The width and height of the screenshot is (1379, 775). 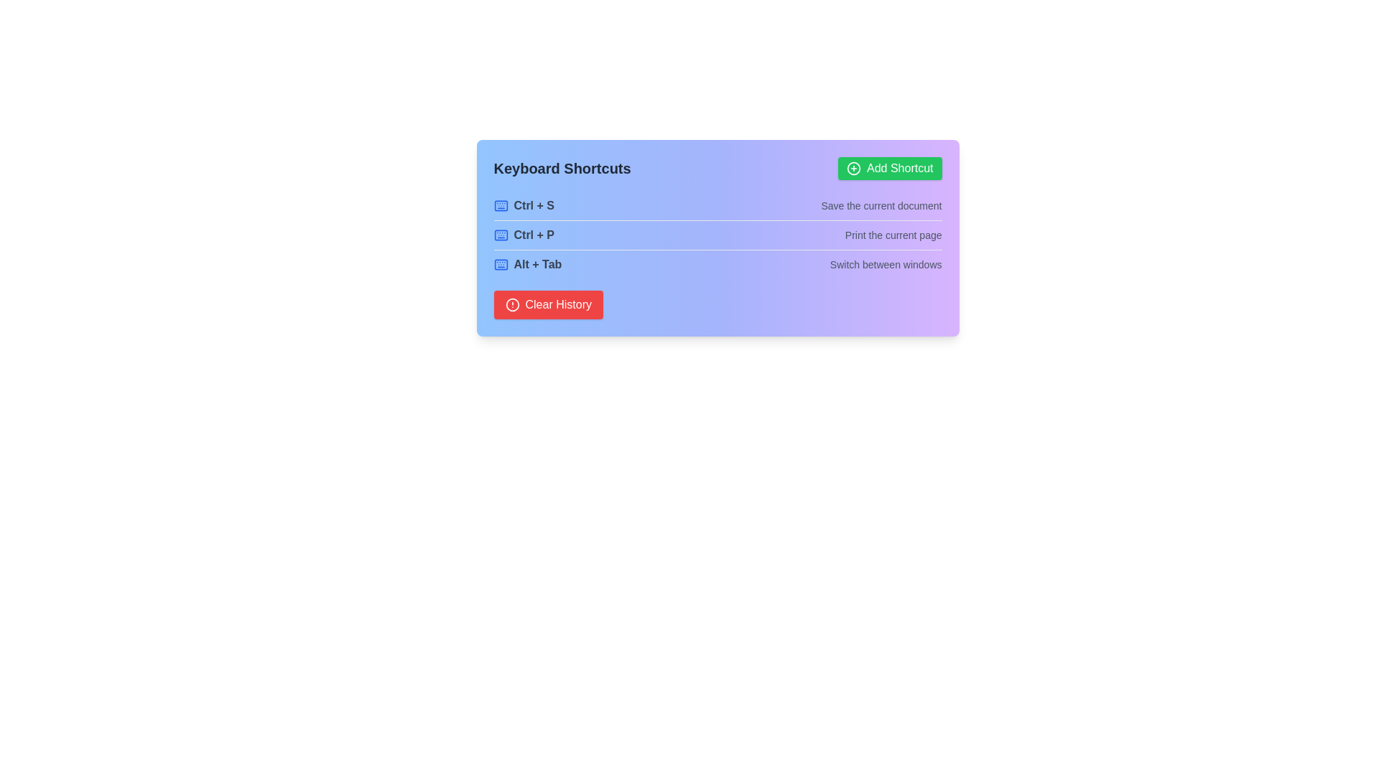 What do you see at coordinates (523, 205) in the screenshot?
I see `the 'Ctrl + S' label with keyboard icon, which is the first item in the keyboard shortcuts panel, displayed in bold dark font against a blue background` at bounding box center [523, 205].